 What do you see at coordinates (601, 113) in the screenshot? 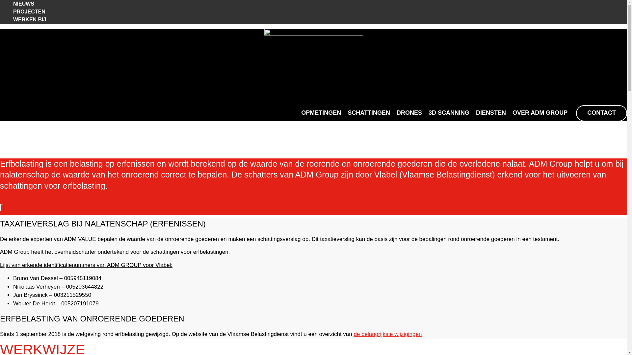
I see `'CONTACT'` at bounding box center [601, 113].